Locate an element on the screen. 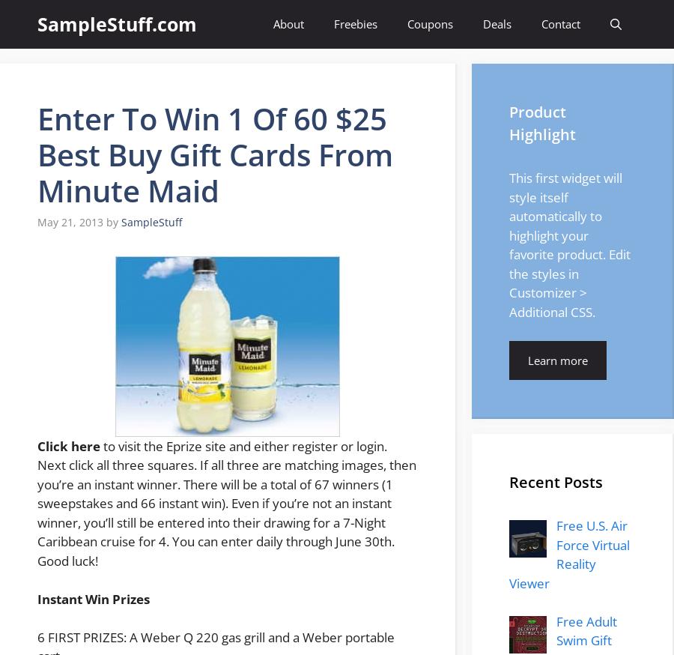 This screenshot has width=674, height=655. 'May 21, 2013' is located at coordinates (37, 221).